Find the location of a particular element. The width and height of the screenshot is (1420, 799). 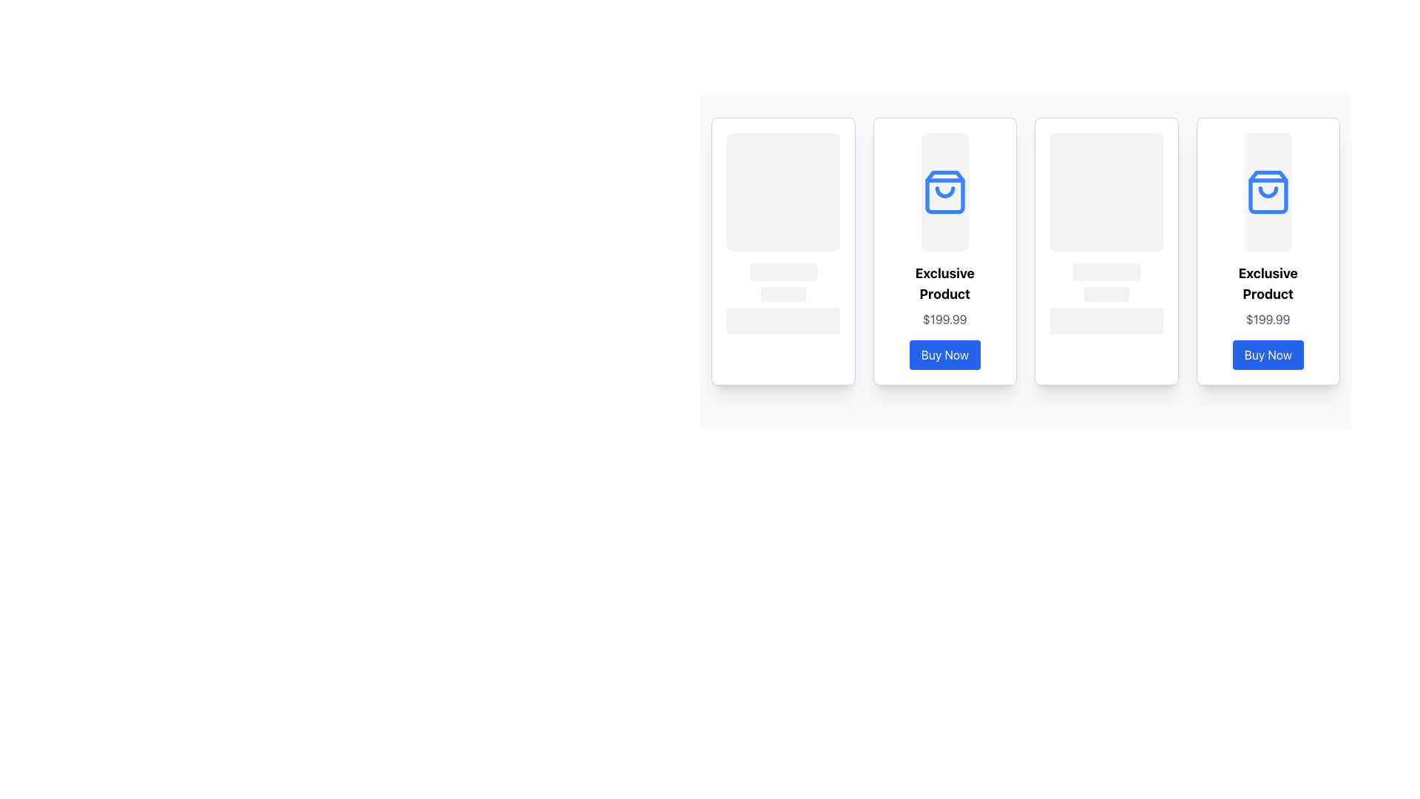

the static placeholder or visual divider, which is a small horizontal bar with a rounded shape, styled in light gray and located in the middle of a card component is located at coordinates (1106, 272).